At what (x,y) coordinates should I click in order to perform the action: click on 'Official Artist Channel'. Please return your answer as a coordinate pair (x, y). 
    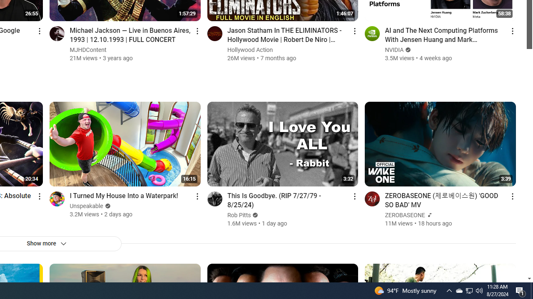
    Looking at the image, I should click on (428, 215).